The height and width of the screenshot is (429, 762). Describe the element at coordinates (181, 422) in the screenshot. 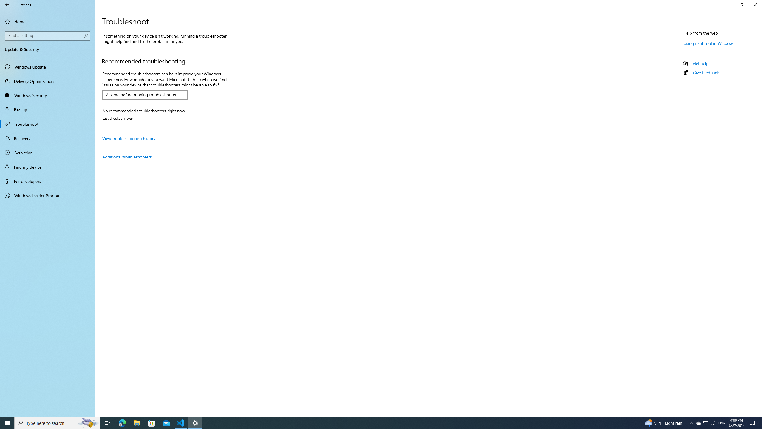

I see `'Visual Studio Code - 1 running window'` at that location.